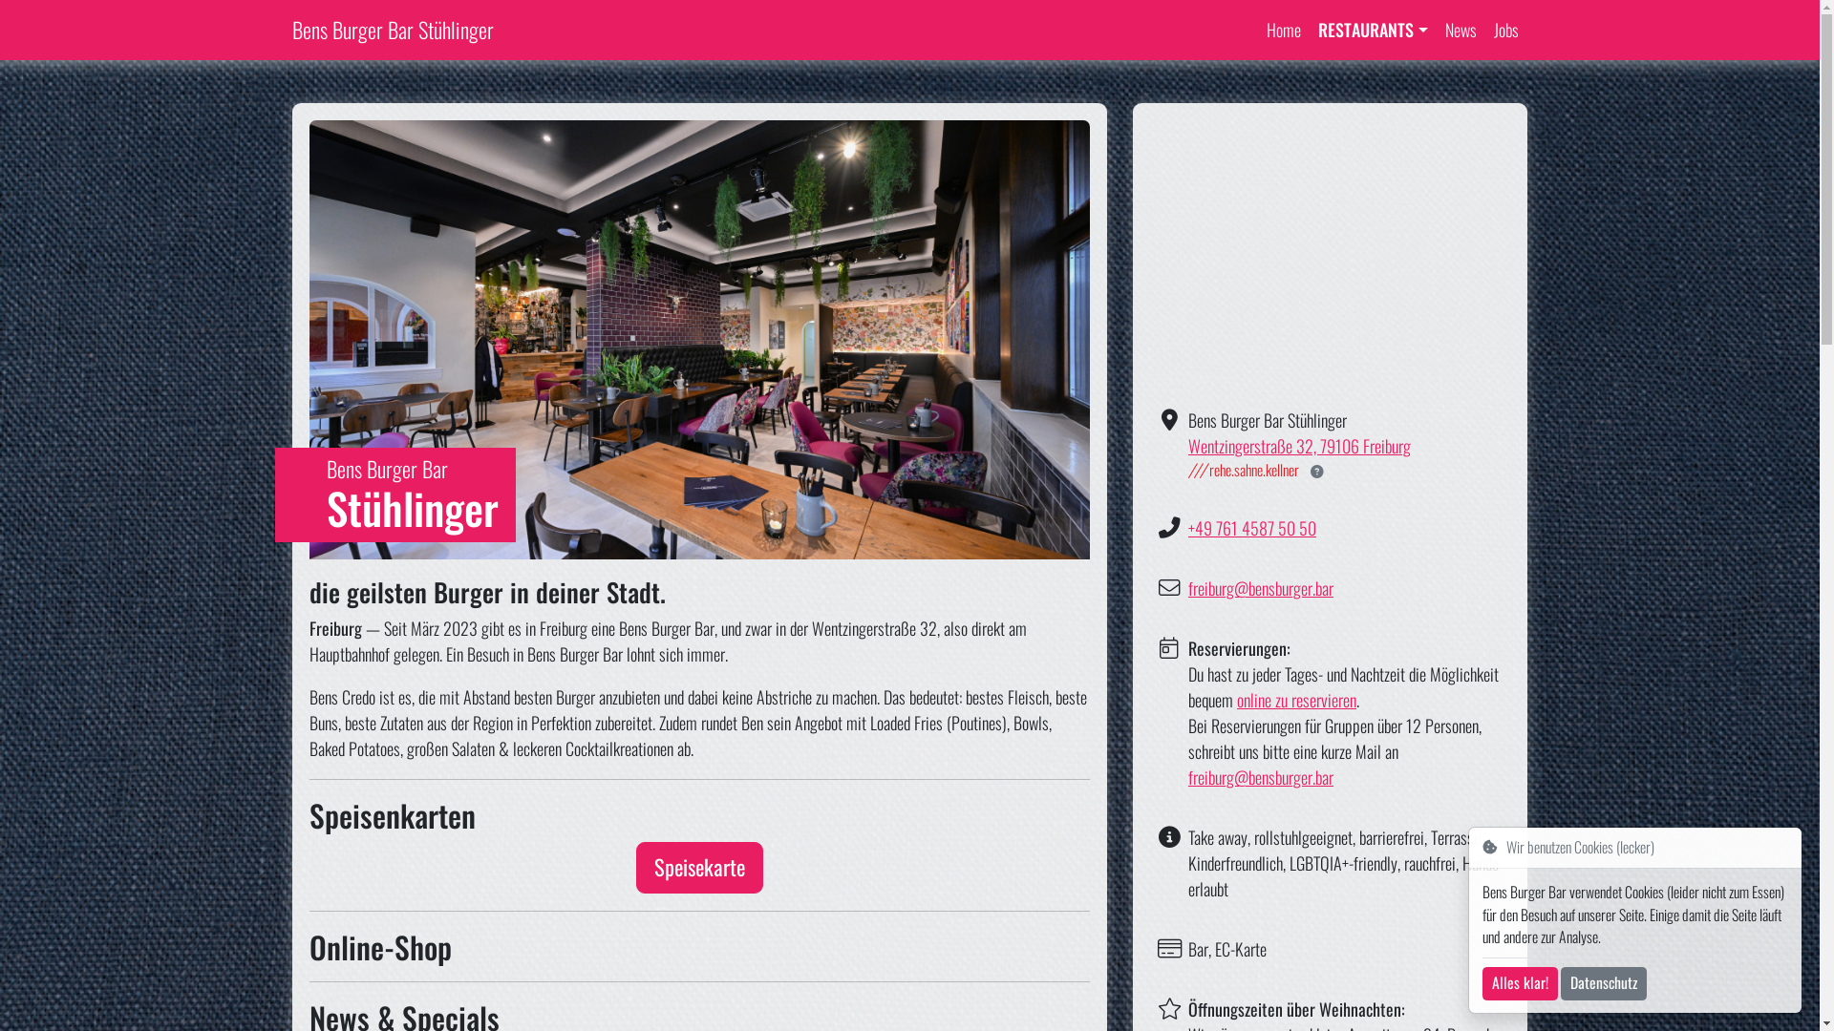 This screenshot has width=1834, height=1031. What do you see at coordinates (1296, 699) in the screenshot?
I see `'online zu reservieren'` at bounding box center [1296, 699].